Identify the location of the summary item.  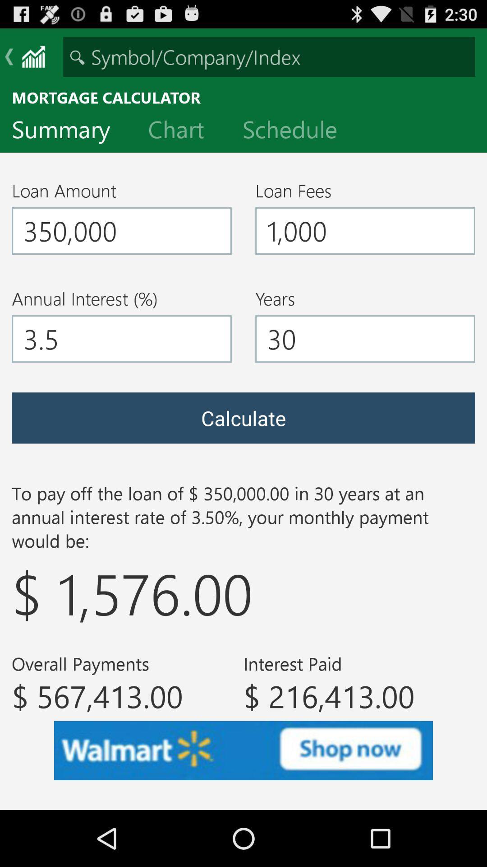
(68, 131).